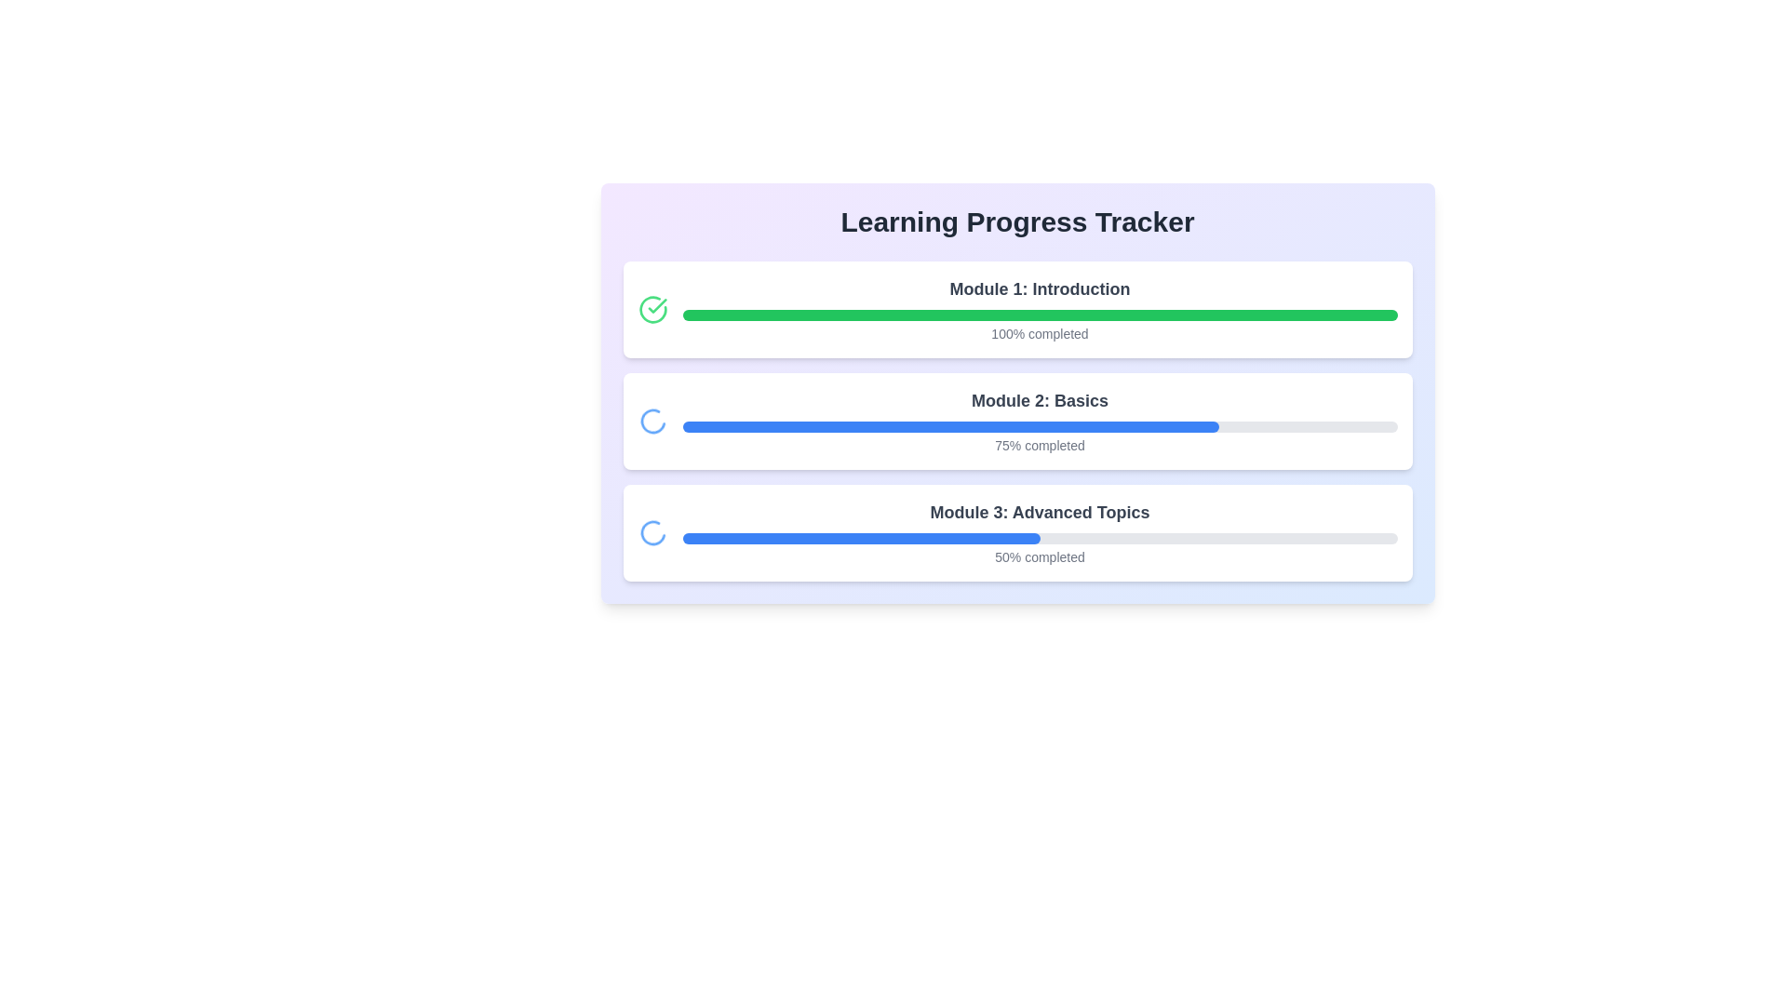 Image resolution: width=1787 pixels, height=1005 pixels. What do you see at coordinates (860, 538) in the screenshot?
I see `the Progress indicator (visual fill) representing 50% completion of 'Module 3: Advanced Topics' within the progress bar` at bounding box center [860, 538].